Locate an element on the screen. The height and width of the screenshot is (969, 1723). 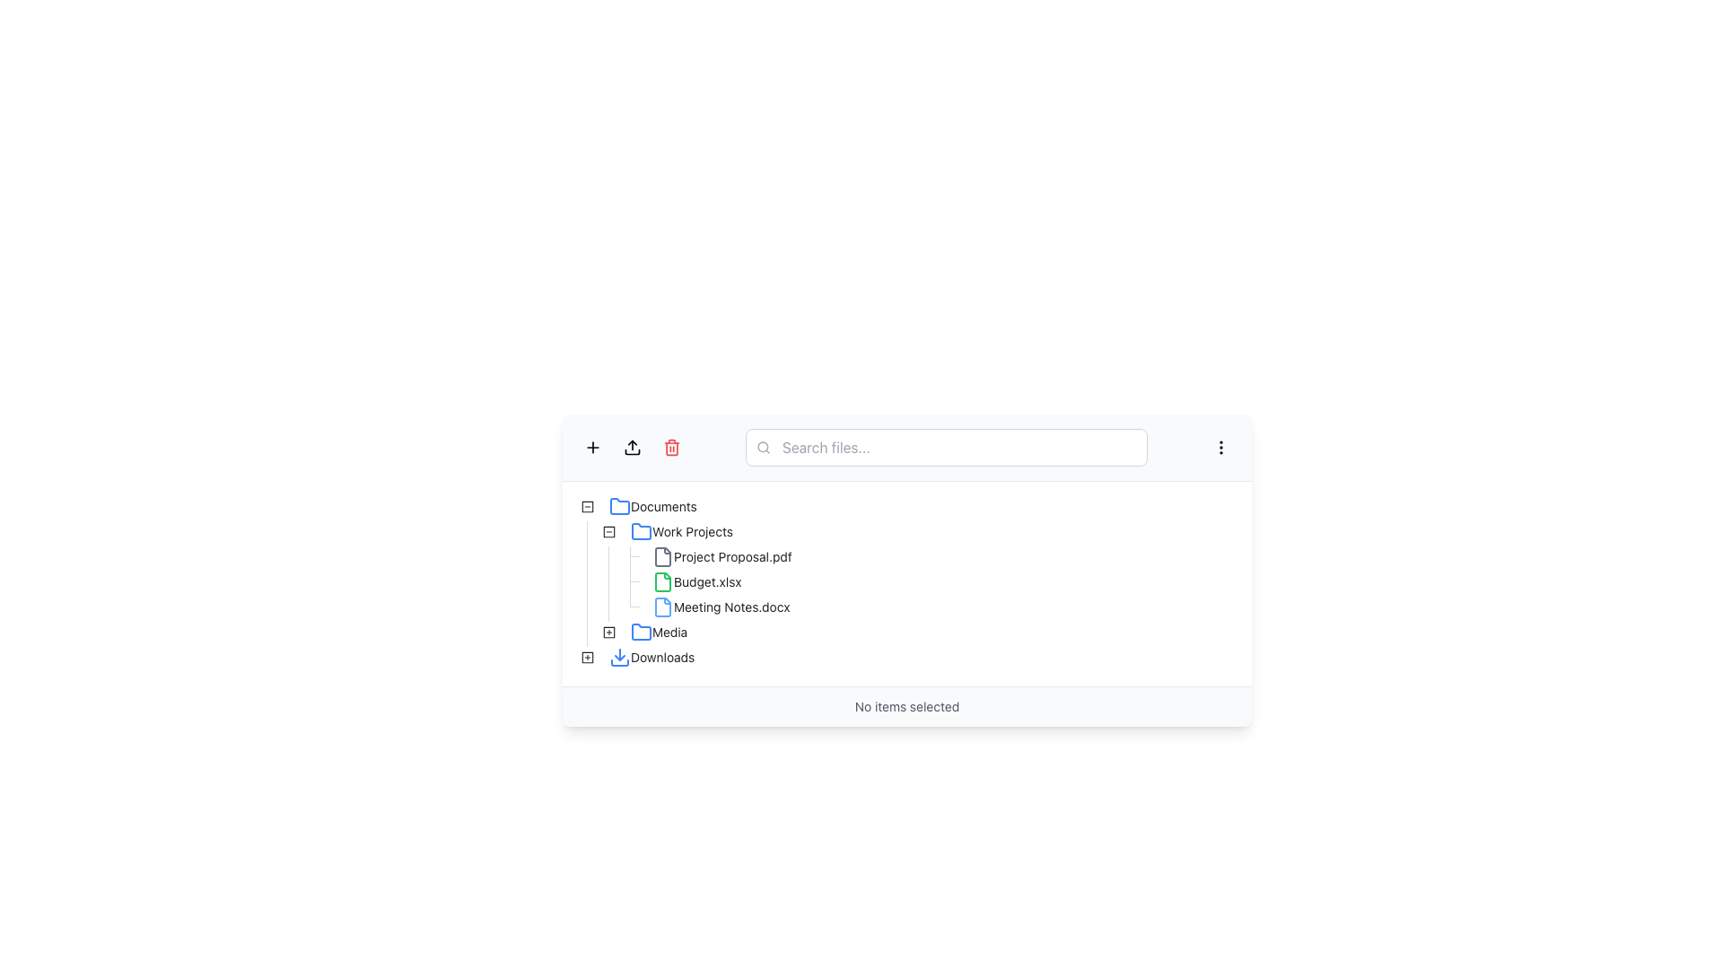
the file entry 'Project Proposal.pdf' is located at coordinates (722, 556).